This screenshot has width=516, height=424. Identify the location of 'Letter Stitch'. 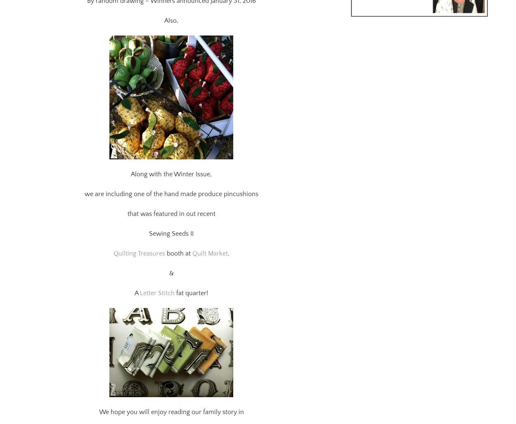
(157, 283).